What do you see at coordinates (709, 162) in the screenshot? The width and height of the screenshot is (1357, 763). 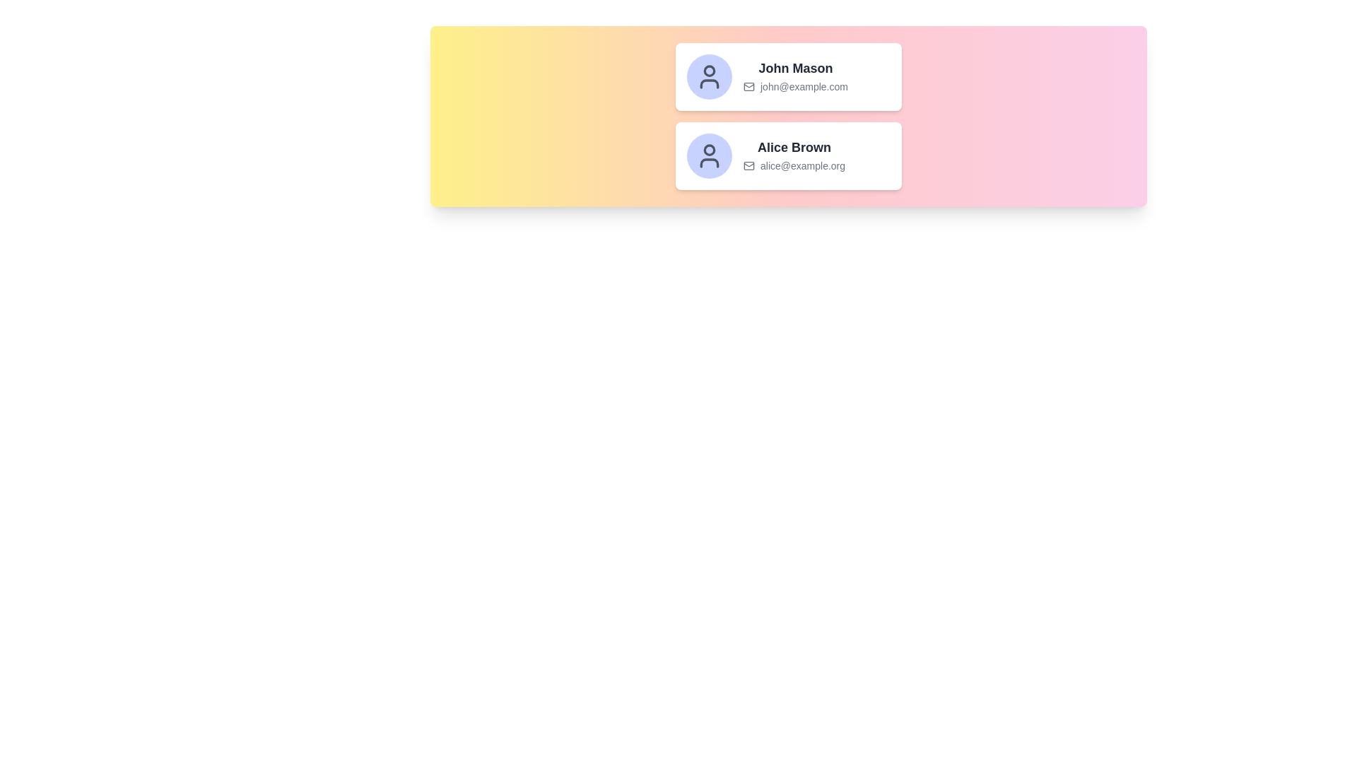 I see `the torso component of the SVG icon within Alice Brown's profile picture area, which is part of the second user's profile card` at bounding box center [709, 162].